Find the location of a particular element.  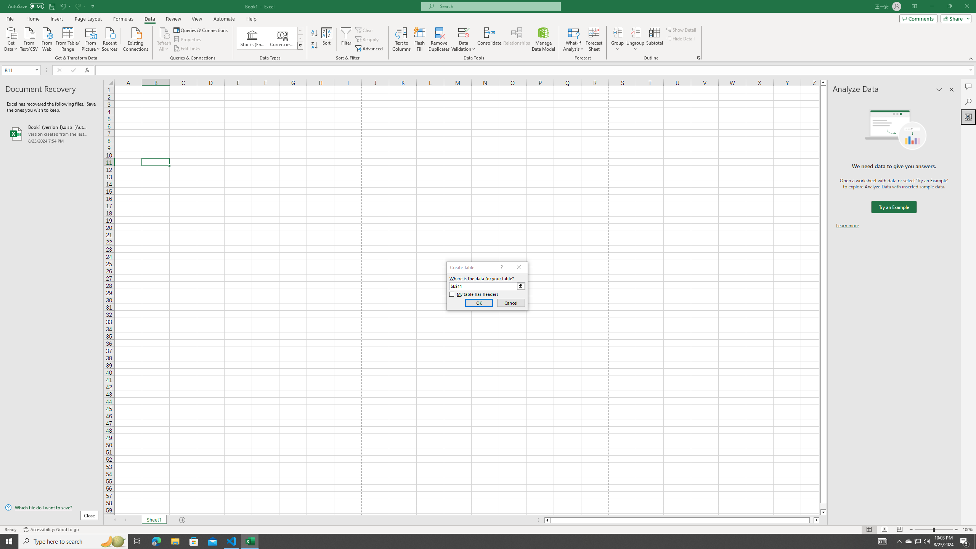

'Zoom Out' is located at coordinates (923, 530).